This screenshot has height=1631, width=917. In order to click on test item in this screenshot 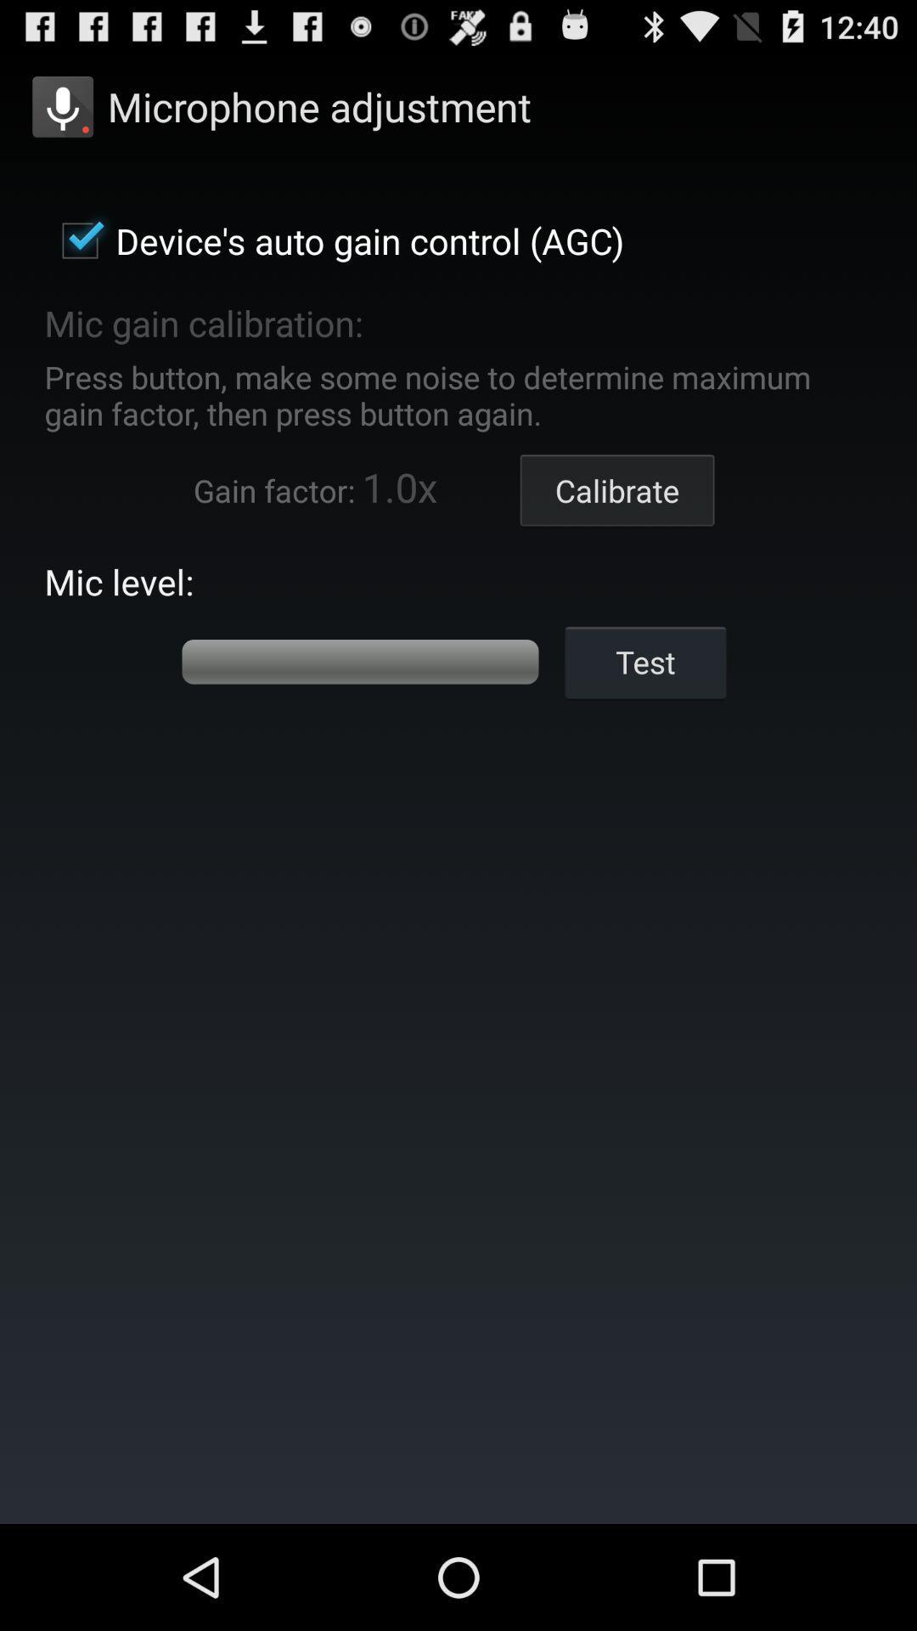, I will do `click(645, 661)`.